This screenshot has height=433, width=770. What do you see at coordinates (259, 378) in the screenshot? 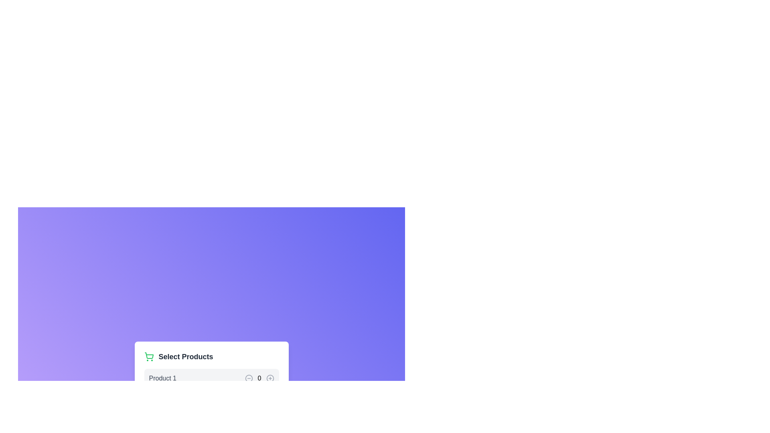
I see `the Static Text element displaying the digit '0', which is positioned centrally and aligned with surrounding buttons` at bounding box center [259, 378].